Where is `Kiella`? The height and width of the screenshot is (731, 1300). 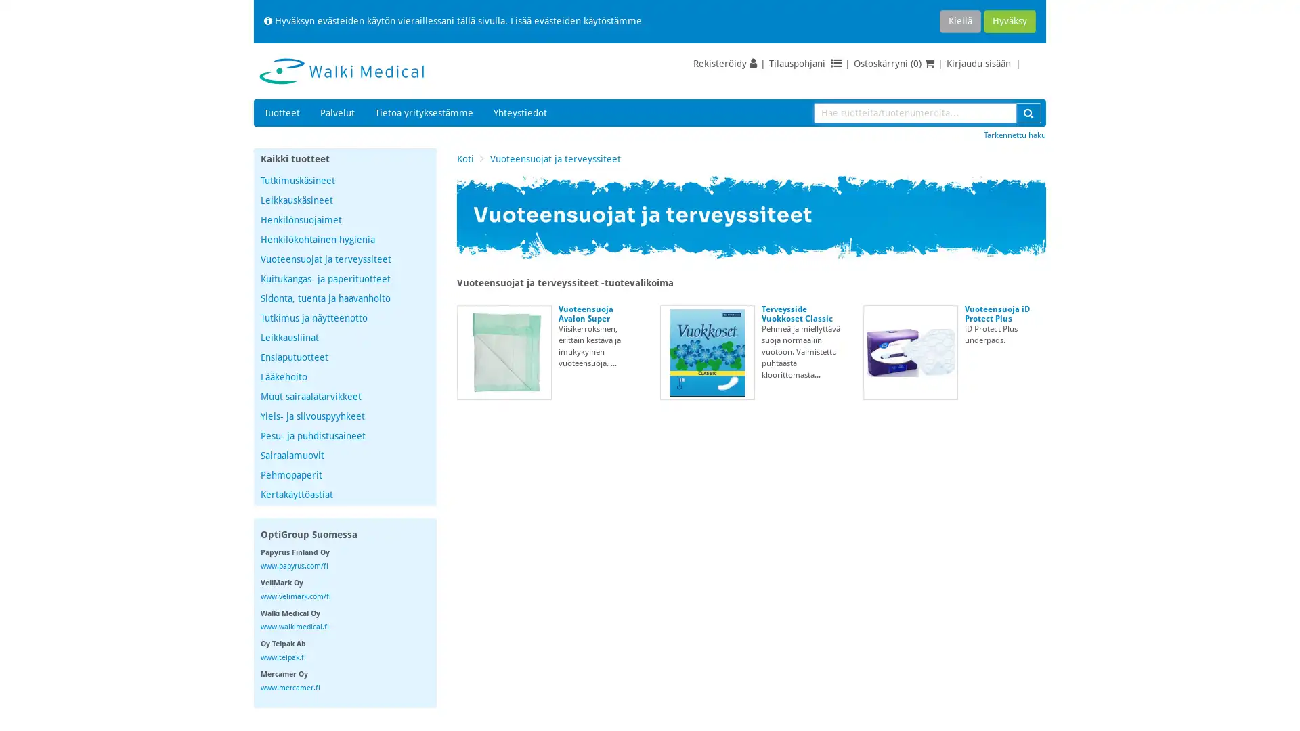
Kiella is located at coordinates (959, 21).